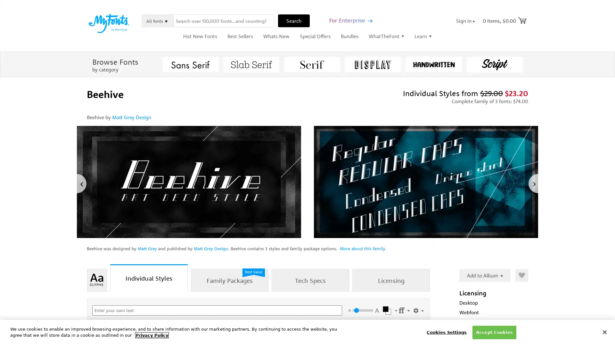  I want to click on Sign in, so click(465, 21).